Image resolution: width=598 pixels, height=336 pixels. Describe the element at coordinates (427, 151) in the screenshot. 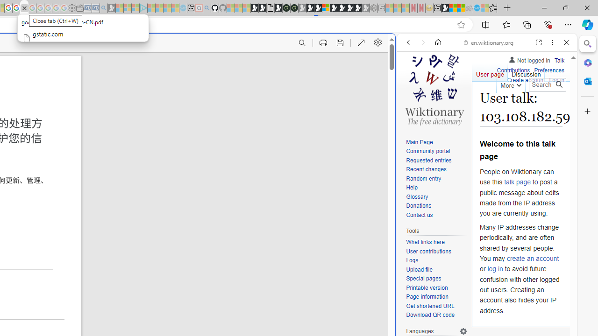

I see `'Community portal'` at that location.